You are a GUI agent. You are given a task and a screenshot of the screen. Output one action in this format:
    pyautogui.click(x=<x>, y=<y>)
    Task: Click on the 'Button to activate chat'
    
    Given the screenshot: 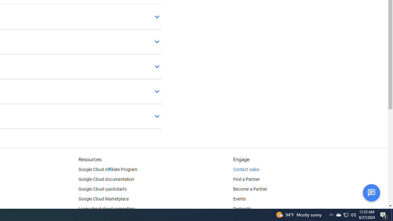 What is the action you would take?
    pyautogui.click(x=371, y=192)
    